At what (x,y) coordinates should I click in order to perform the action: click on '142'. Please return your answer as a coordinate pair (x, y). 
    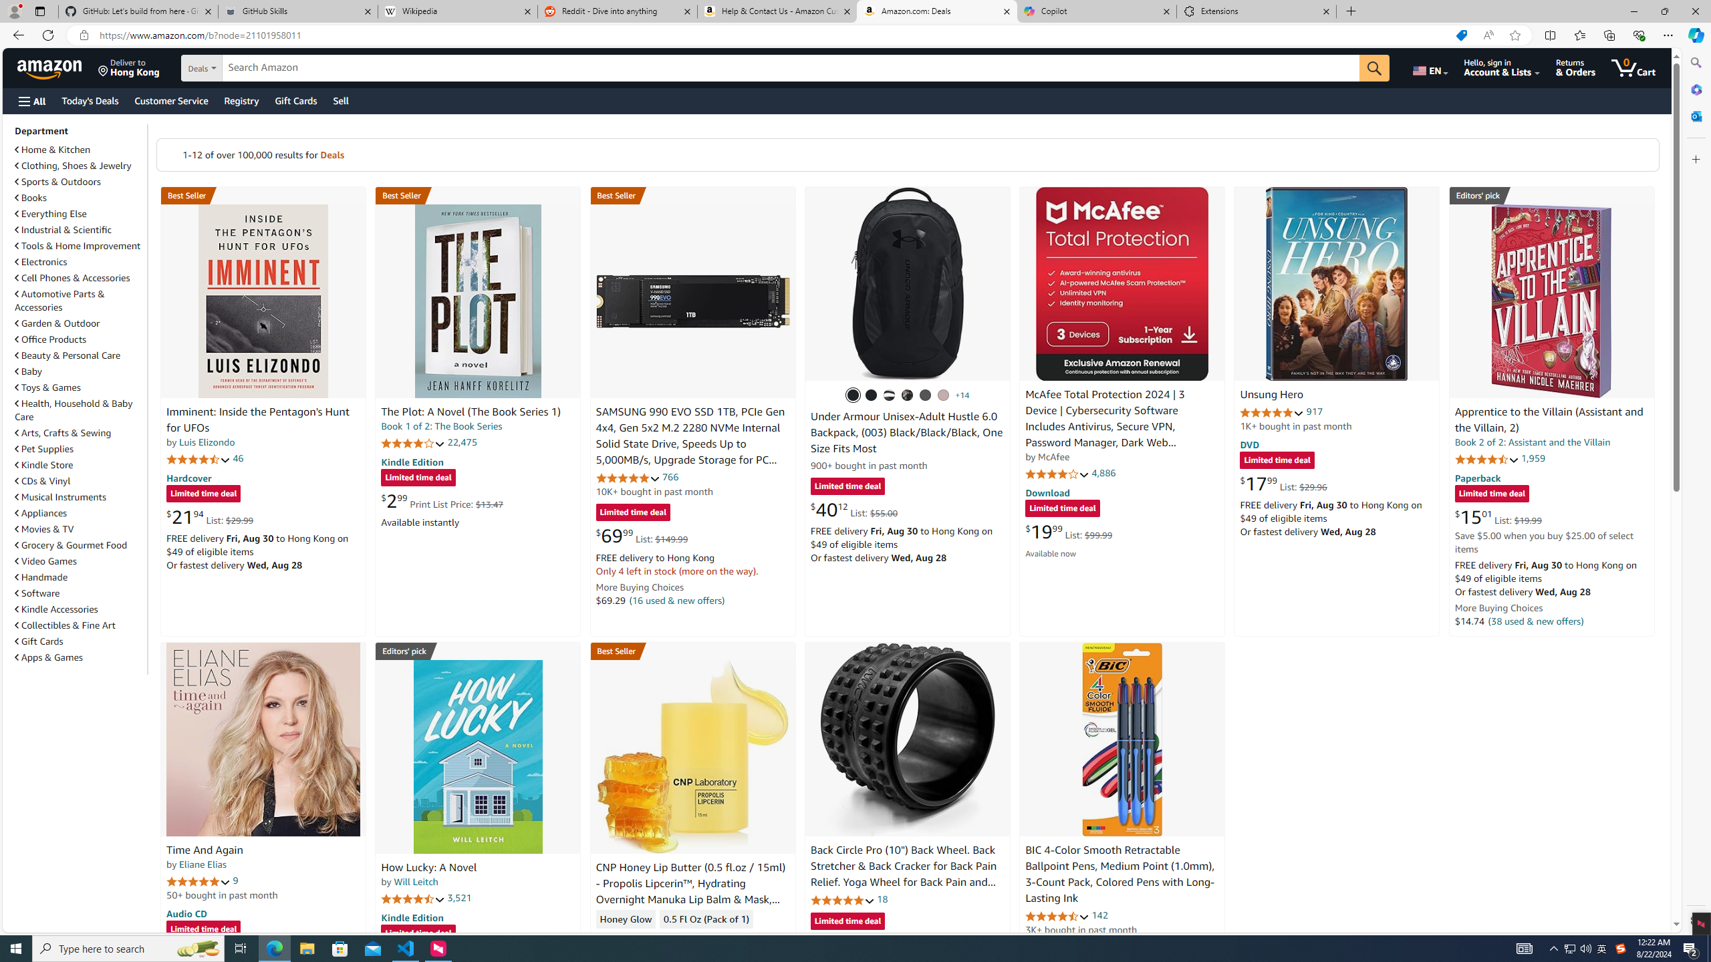
    Looking at the image, I should click on (1100, 915).